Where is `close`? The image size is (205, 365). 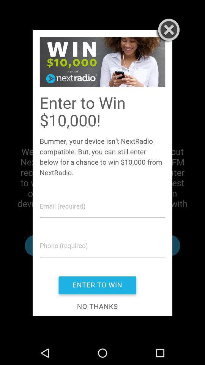
close is located at coordinates (167, 31).